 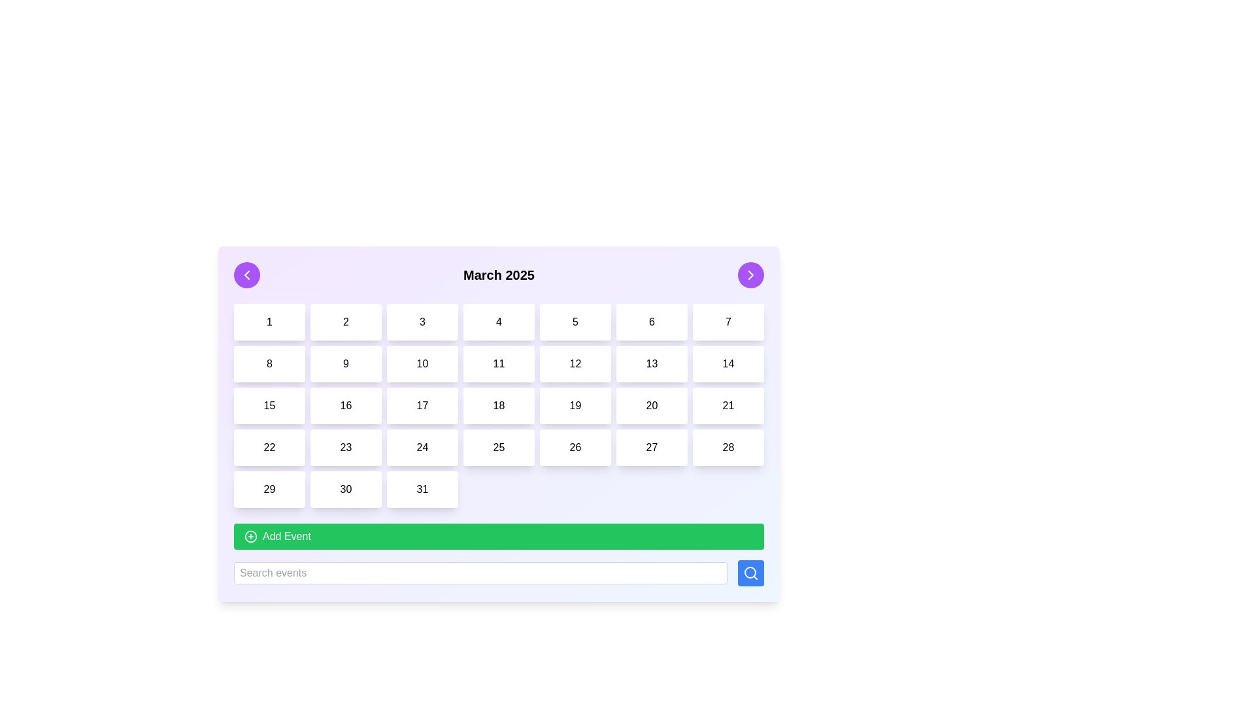 What do you see at coordinates (269, 447) in the screenshot?
I see `the calendar day tile displaying '22'` at bounding box center [269, 447].